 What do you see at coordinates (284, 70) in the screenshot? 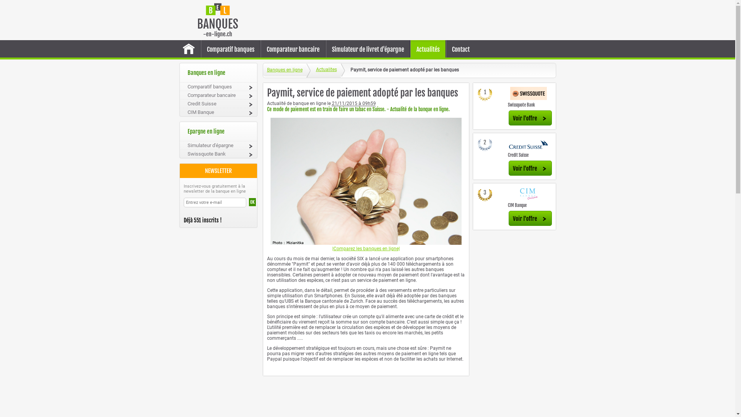
I see `'Banques en ligne'` at bounding box center [284, 70].